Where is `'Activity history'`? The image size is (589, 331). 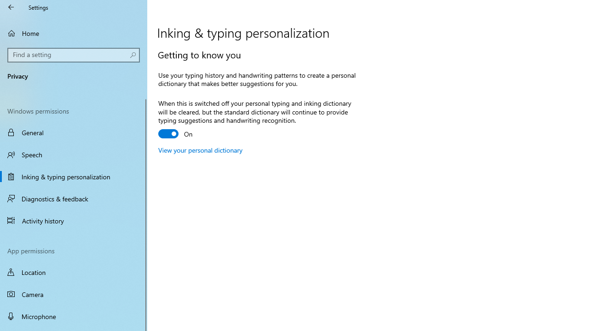 'Activity history' is located at coordinates (74, 220).